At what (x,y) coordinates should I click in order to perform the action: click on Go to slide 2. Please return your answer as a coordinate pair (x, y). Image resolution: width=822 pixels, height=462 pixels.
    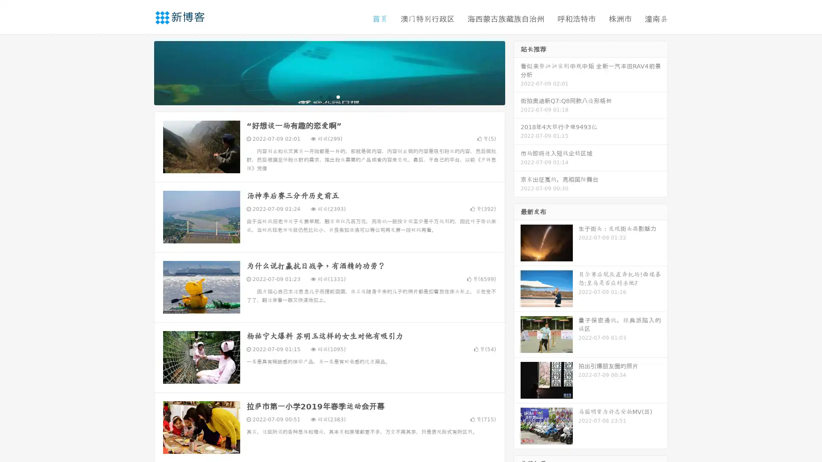
    Looking at the image, I should click on (329, 96).